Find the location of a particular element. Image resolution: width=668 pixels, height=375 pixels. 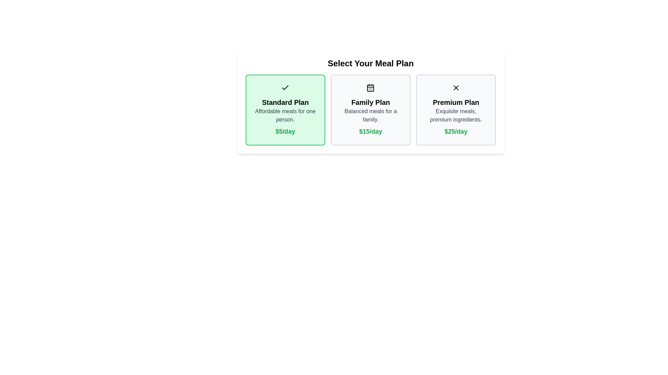

the bolded header text 'Premium Plan' located in the middle portion of the last card in the meal plans menu is located at coordinates (456, 102).